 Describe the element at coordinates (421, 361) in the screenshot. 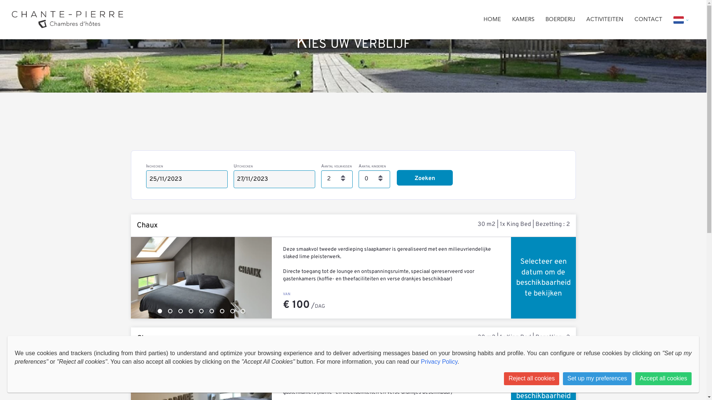

I see `'Privacy Policy'` at that location.